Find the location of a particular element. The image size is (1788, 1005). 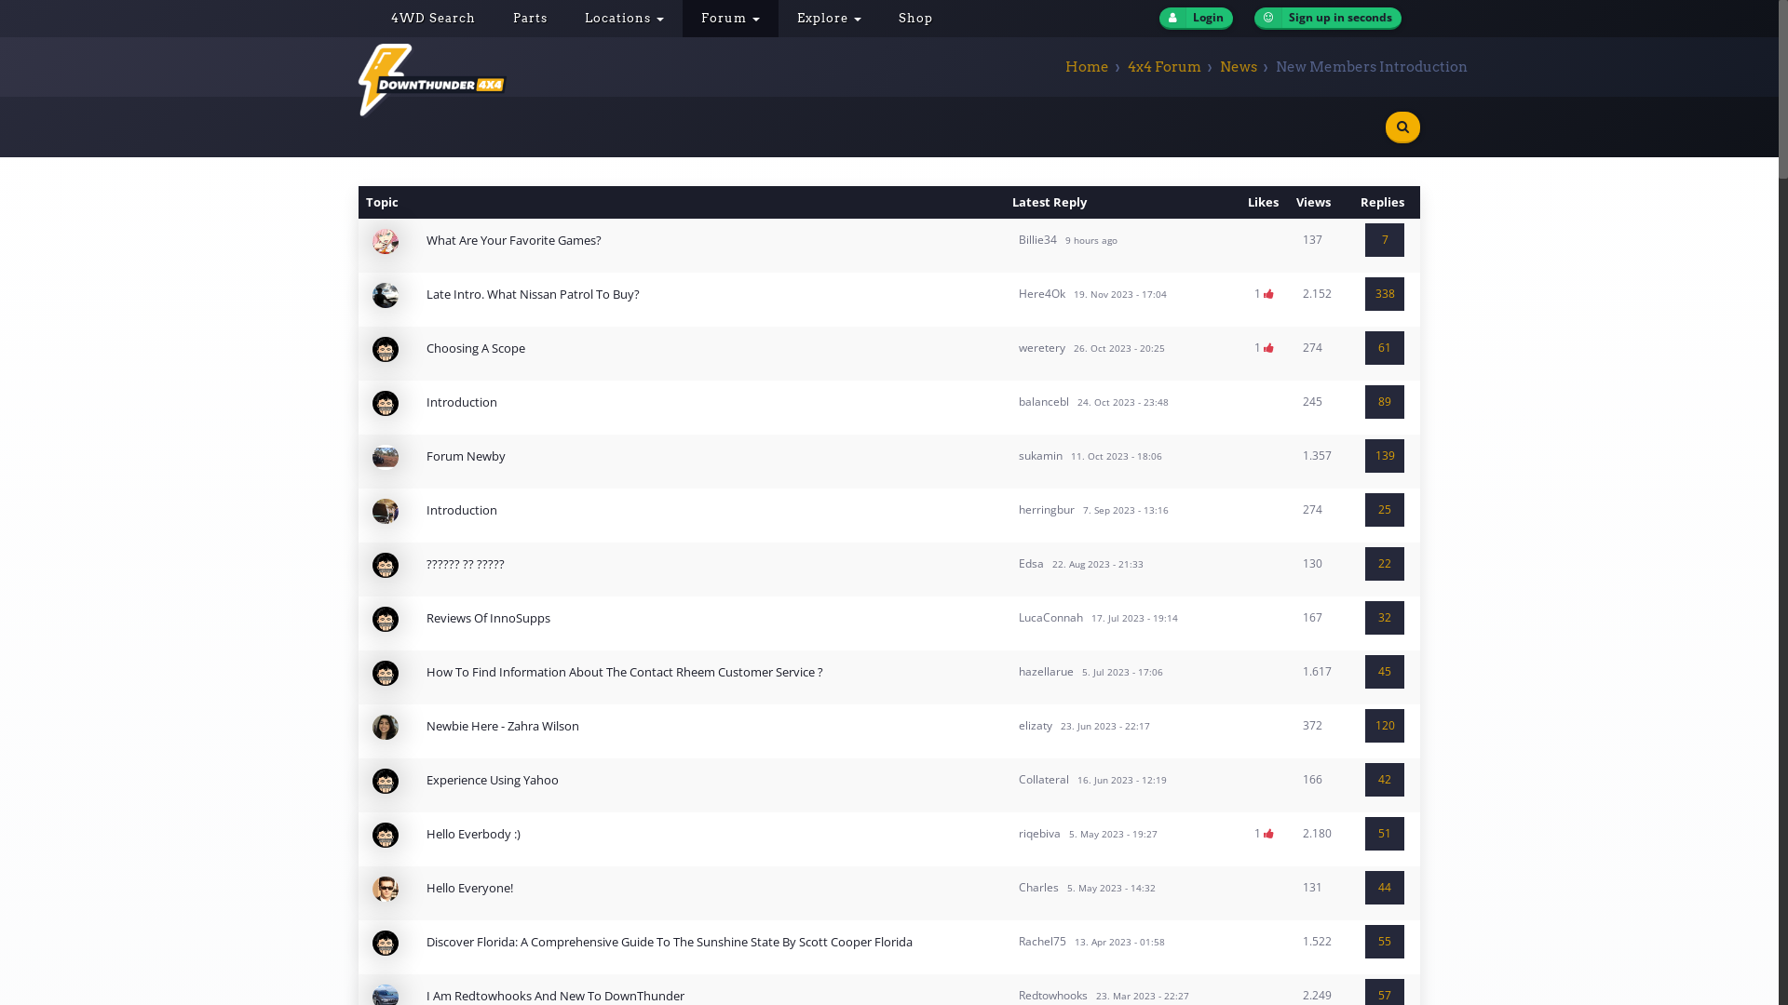

'Forum Newby' is located at coordinates (466, 455).